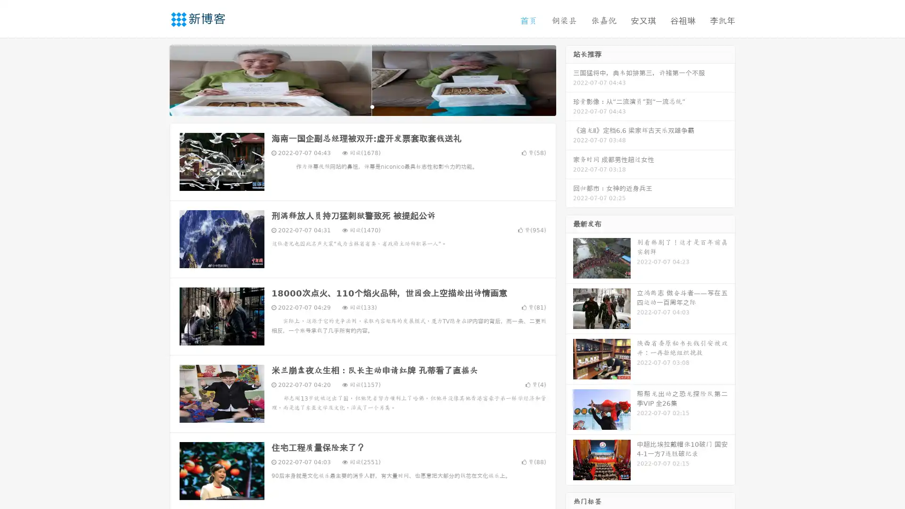 Image resolution: width=905 pixels, height=509 pixels. I want to click on Previous slide, so click(156, 79).